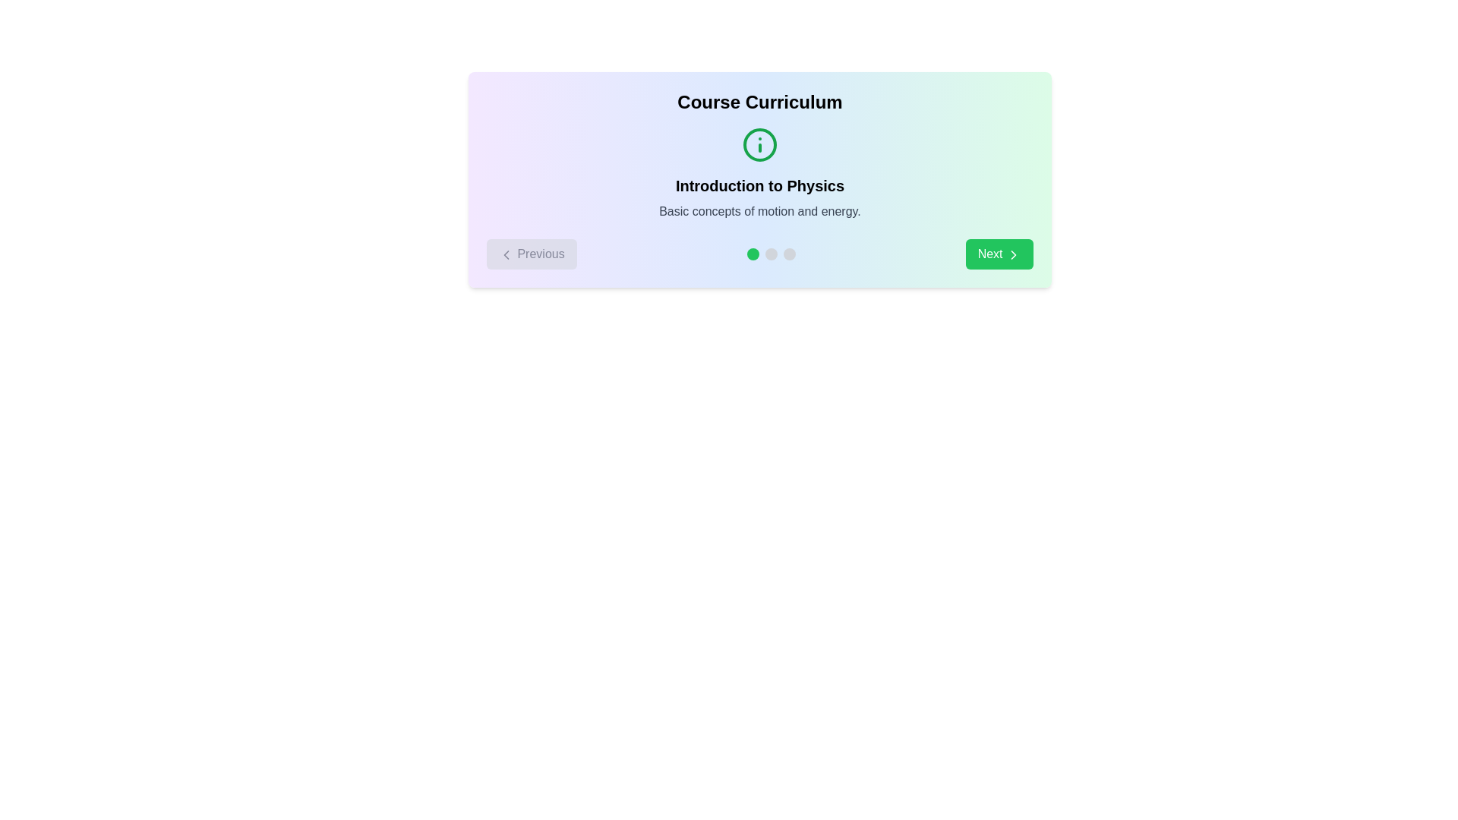 This screenshot has width=1458, height=820. I want to click on the circular green outlined icon with an 'i' symbol, so click(760, 145).